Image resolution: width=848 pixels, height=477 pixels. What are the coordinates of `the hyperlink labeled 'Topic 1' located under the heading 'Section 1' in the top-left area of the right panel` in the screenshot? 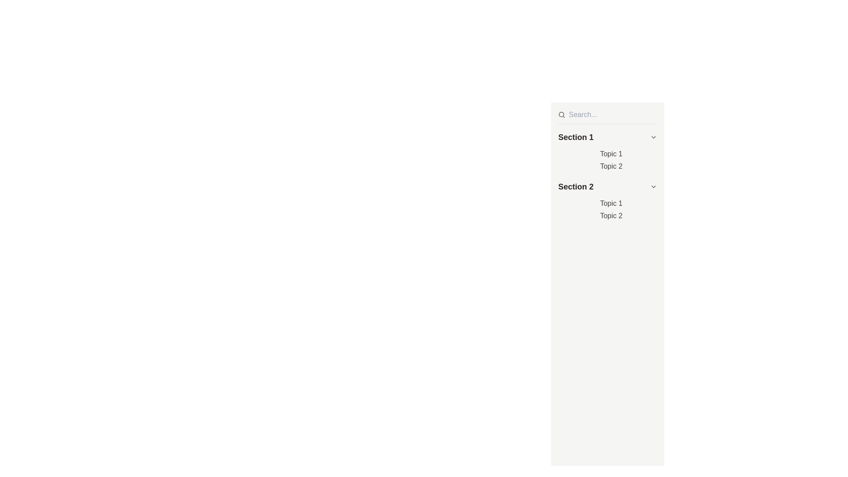 It's located at (610, 153).